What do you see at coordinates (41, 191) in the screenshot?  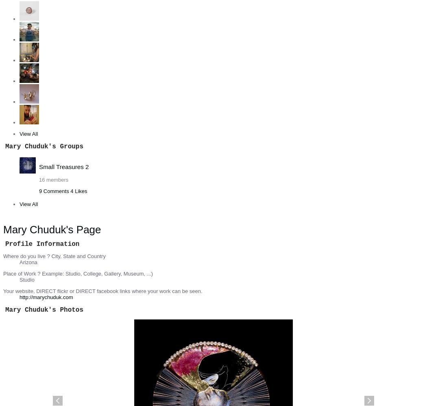 I see `'9'` at bounding box center [41, 191].